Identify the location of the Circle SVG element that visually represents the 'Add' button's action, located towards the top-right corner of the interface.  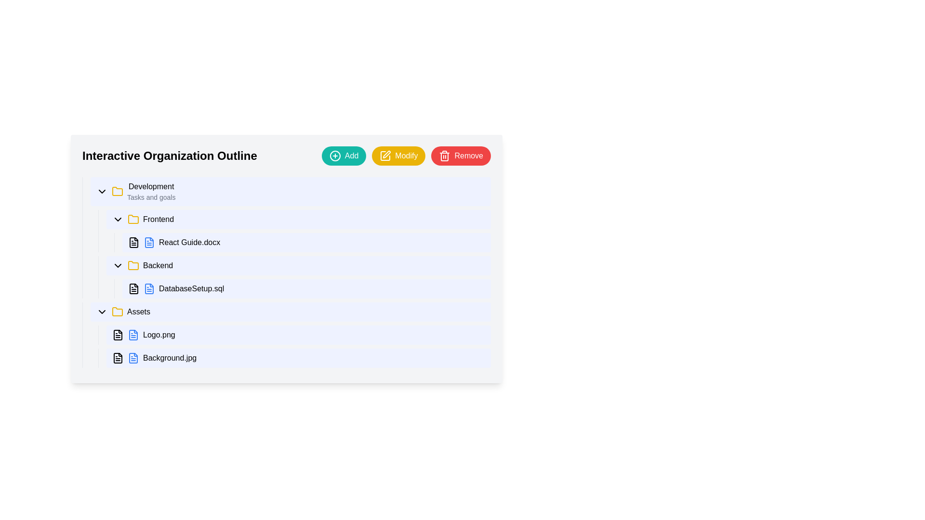
(335, 156).